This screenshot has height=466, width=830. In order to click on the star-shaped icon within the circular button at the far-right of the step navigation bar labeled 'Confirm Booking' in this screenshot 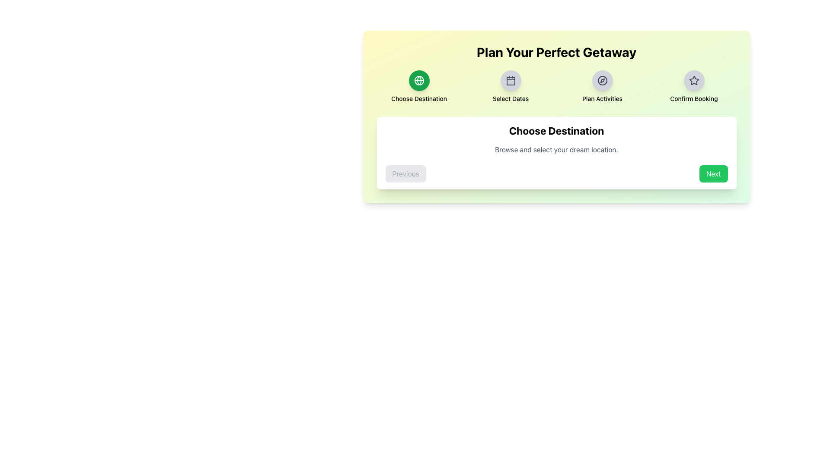, I will do `click(694, 80)`.